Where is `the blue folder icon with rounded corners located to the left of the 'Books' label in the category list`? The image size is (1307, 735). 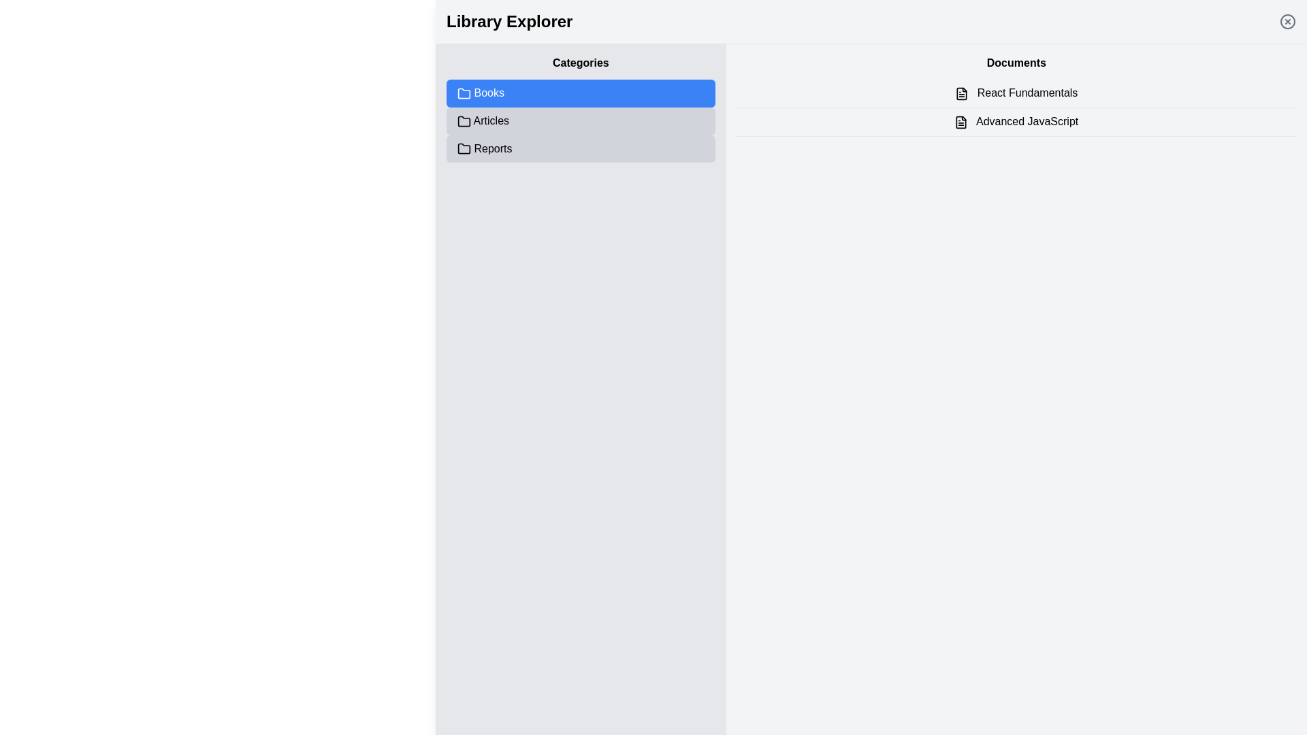
the blue folder icon with rounded corners located to the left of the 'Books' label in the category list is located at coordinates (464, 93).